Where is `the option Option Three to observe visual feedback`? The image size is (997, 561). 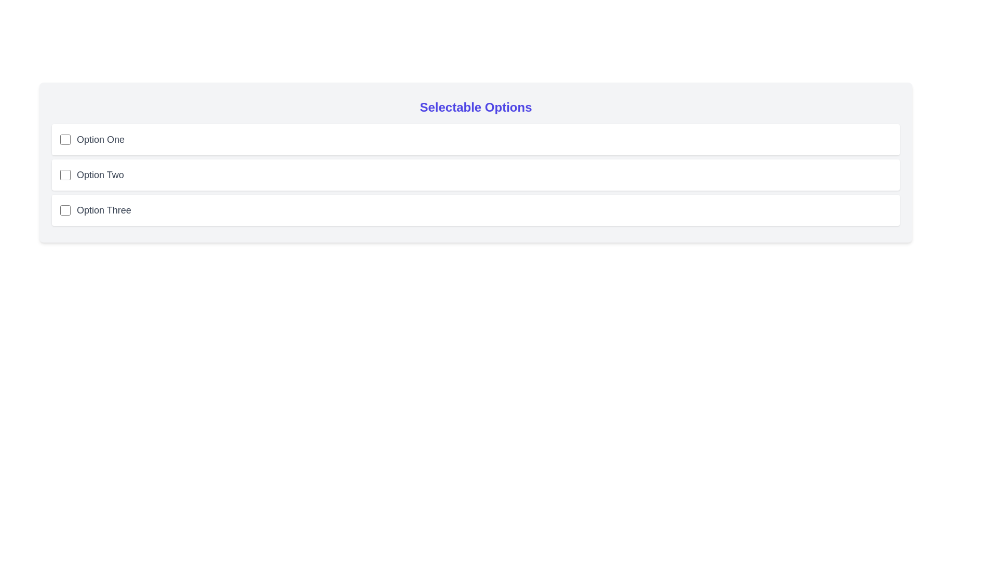
the option Option Three to observe visual feedback is located at coordinates (475, 210).